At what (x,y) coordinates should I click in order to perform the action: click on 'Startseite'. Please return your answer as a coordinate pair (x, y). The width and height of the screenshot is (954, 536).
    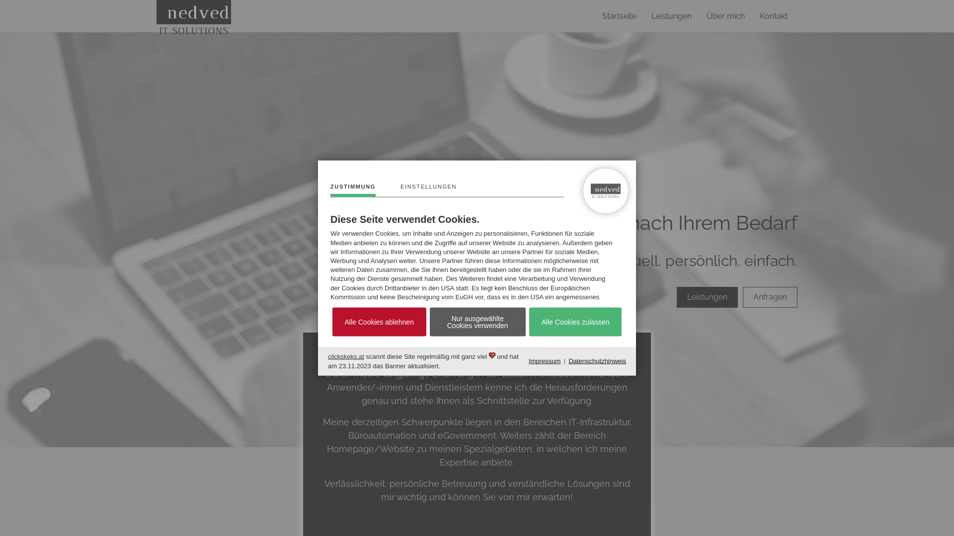
    Looking at the image, I should click on (619, 16).